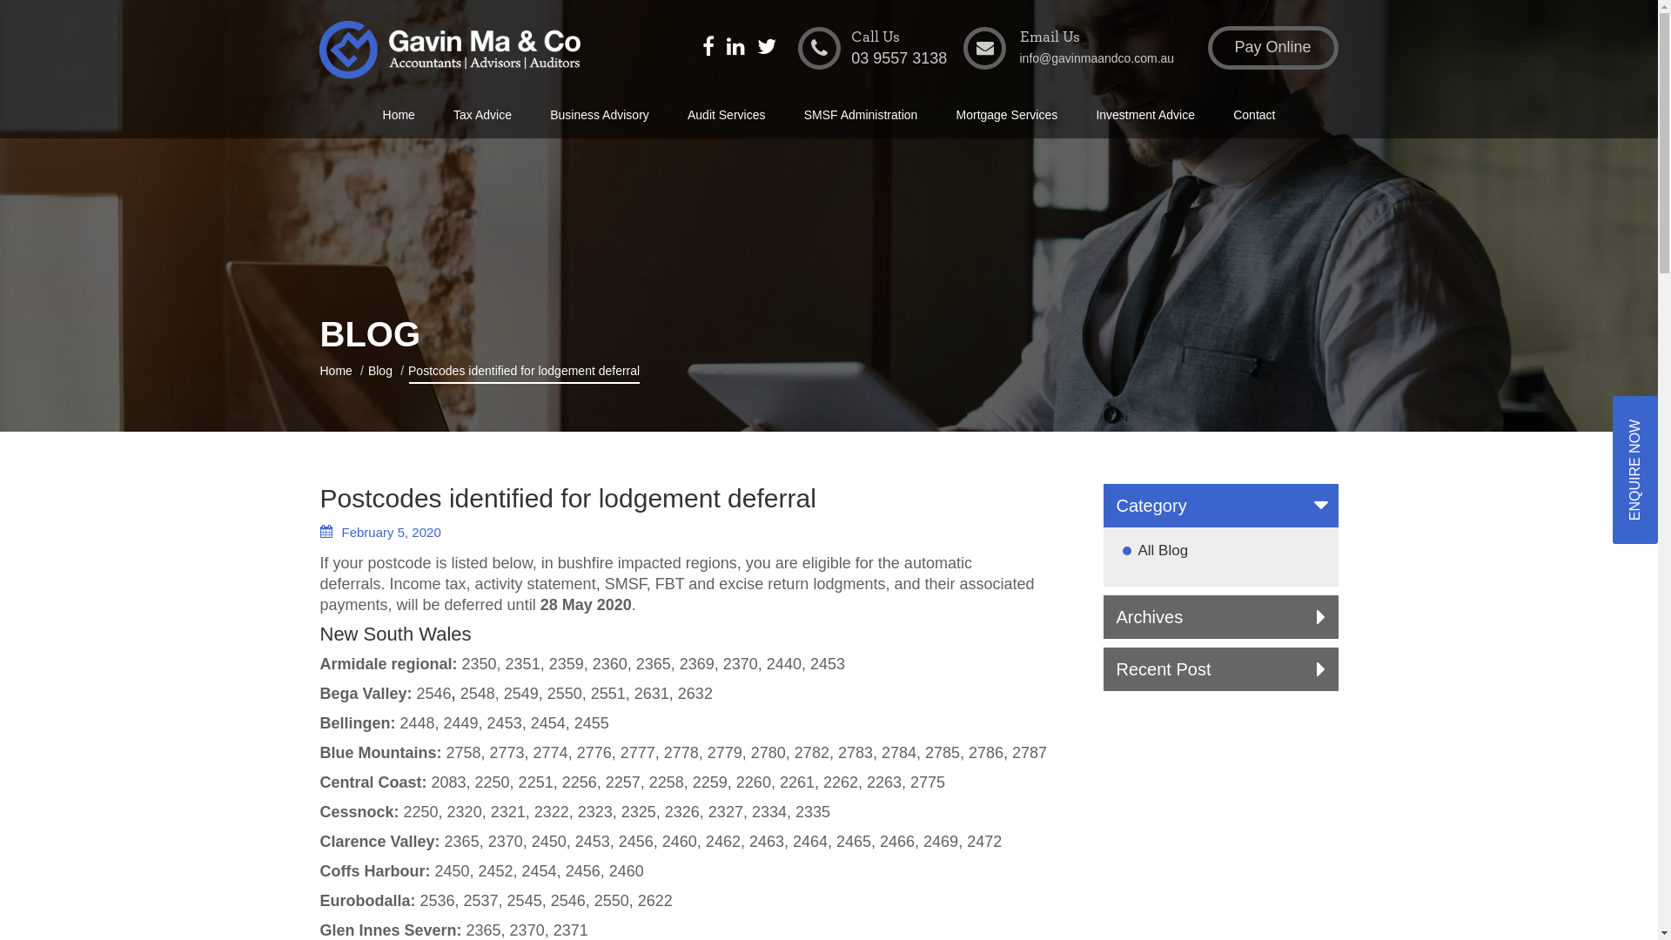  What do you see at coordinates (708, 48) in the screenshot?
I see `'Facebook'` at bounding box center [708, 48].